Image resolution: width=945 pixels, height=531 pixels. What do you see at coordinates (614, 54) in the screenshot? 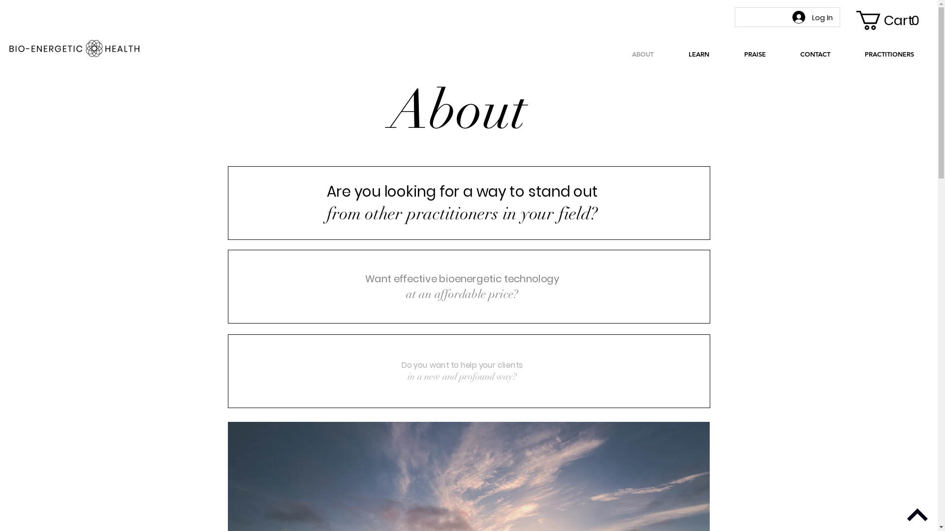
I see `'ABOUT'` at bounding box center [614, 54].